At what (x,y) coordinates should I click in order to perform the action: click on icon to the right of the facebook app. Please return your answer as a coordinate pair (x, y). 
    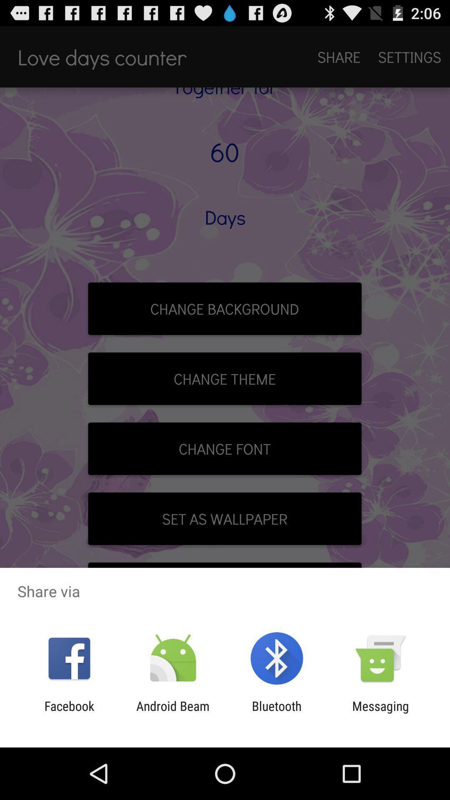
    Looking at the image, I should click on (172, 713).